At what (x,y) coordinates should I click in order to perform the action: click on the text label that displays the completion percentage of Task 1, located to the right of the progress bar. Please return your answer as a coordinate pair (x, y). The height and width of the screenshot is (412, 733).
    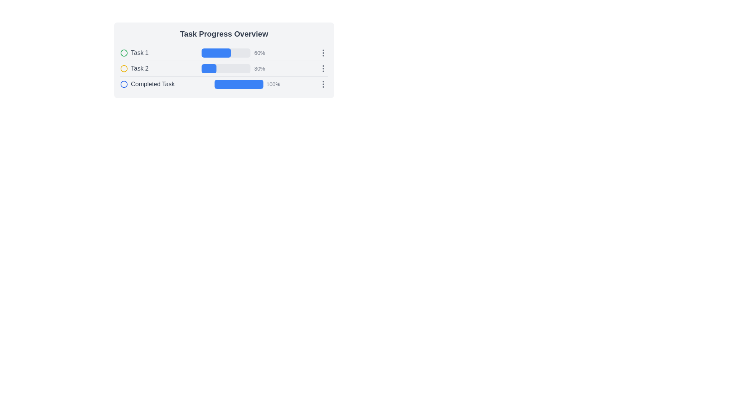
    Looking at the image, I should click on (260, 52).